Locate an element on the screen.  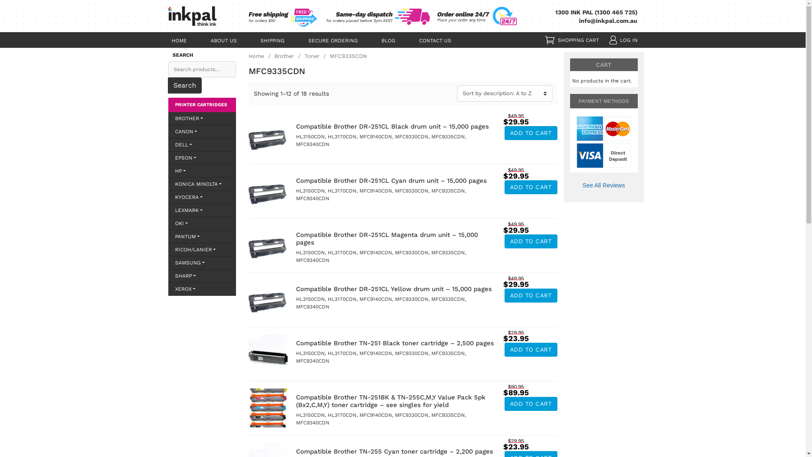
'HP' is located at coordinates (202, 171).